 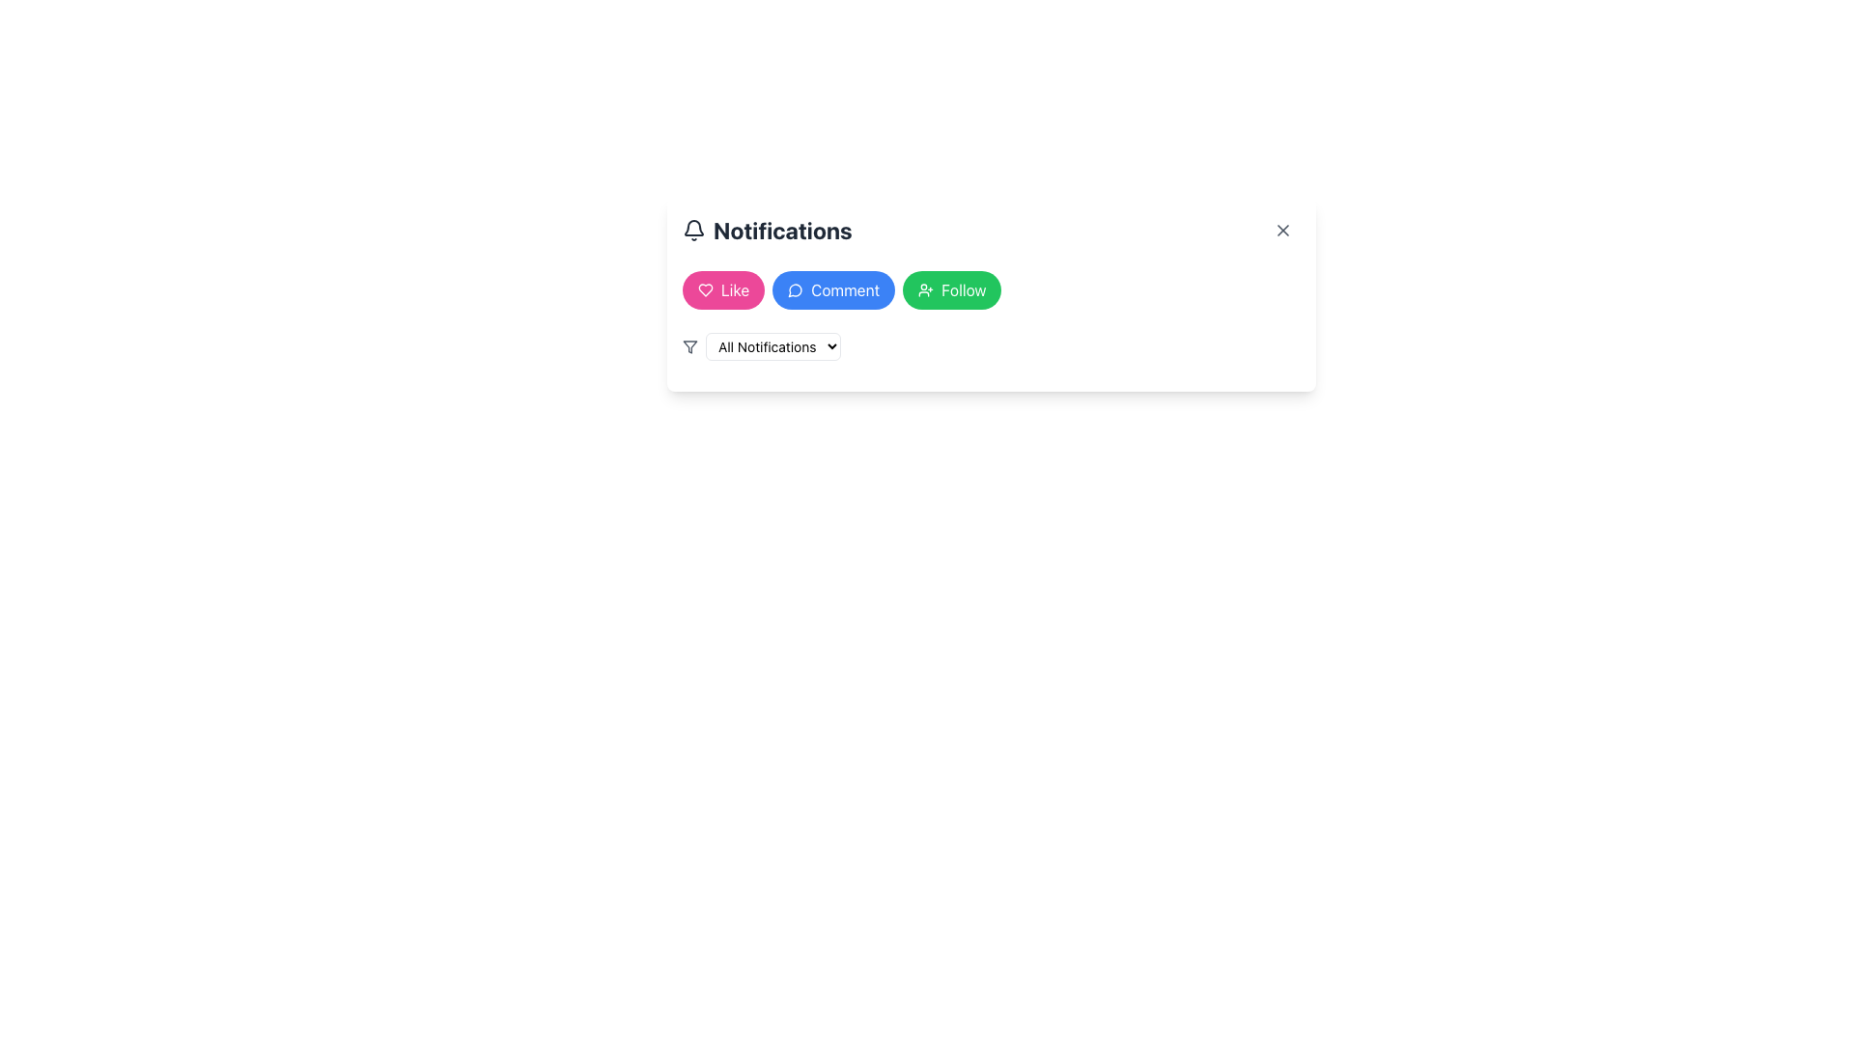 I want to click on the third button on the right in the group of three action buttons, so click(x=992, y=294).